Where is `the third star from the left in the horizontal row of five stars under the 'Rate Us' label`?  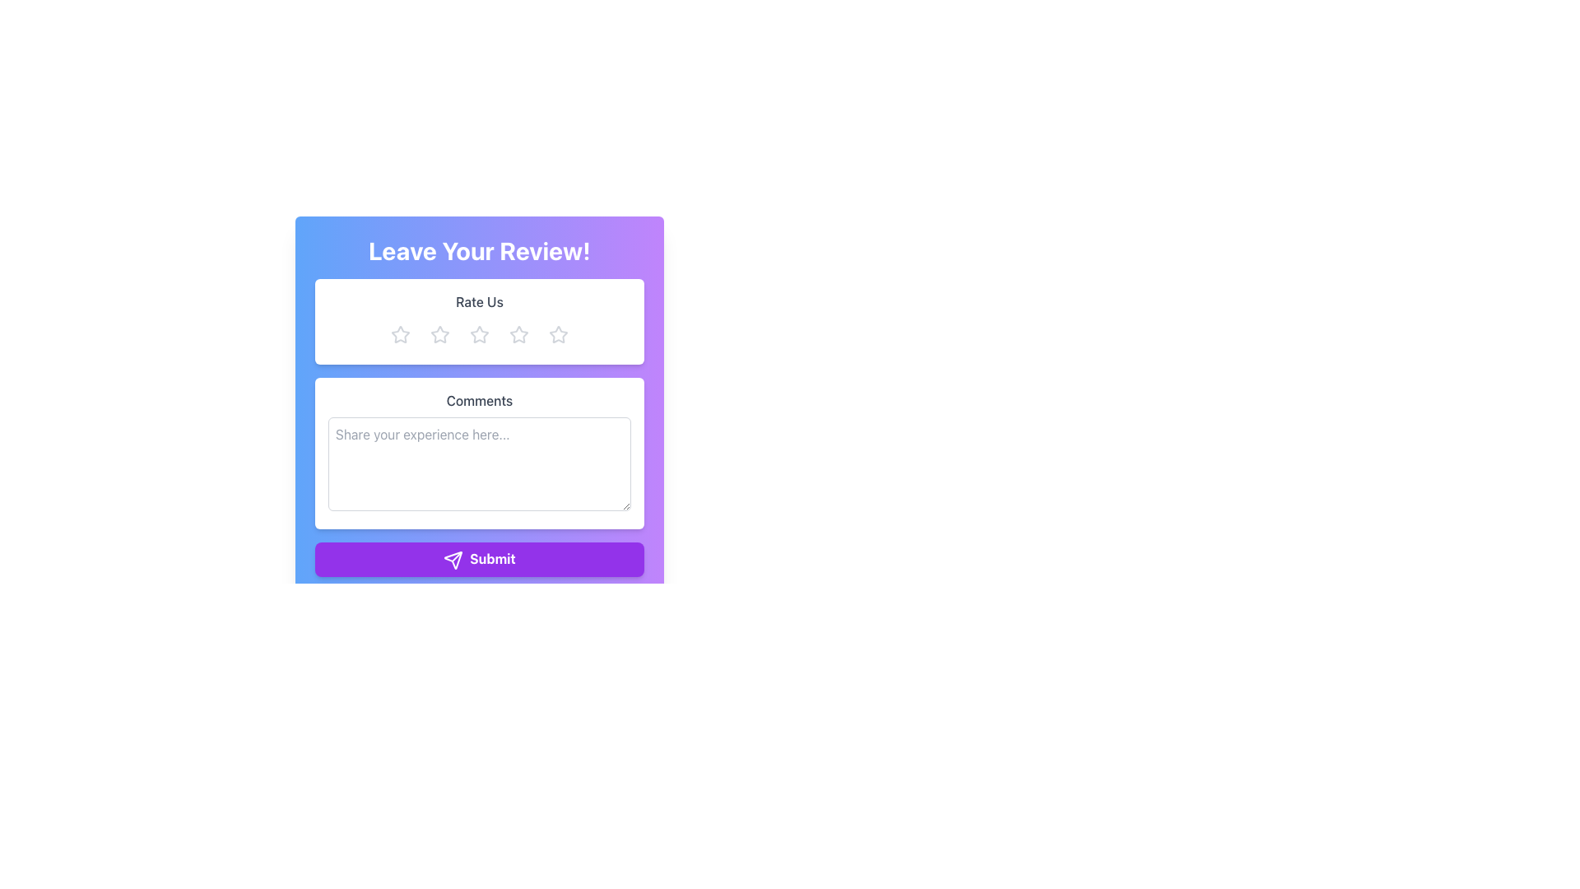 the third star from the left in the horizontal row of five stars under the 'Rate Us' label is located at coordinates (518, 334).